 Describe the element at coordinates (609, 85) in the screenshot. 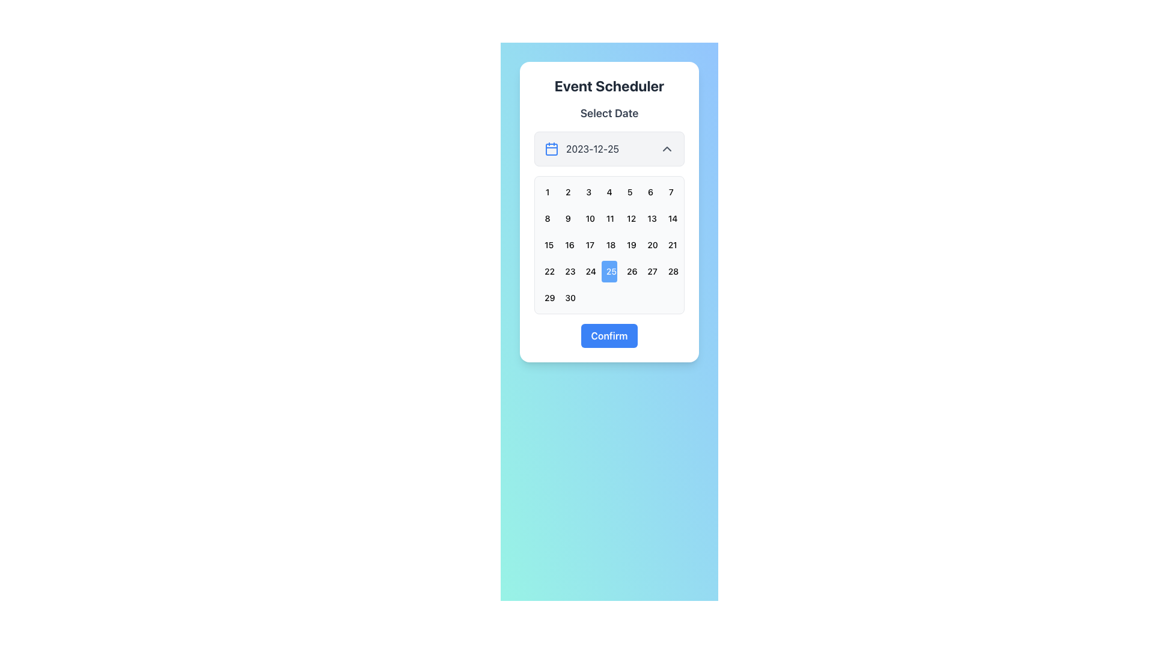

I see `the textual heading 'Event Scheduler' which is styled large and bold, located at the top of the white card containing a date selection interface` at that location.